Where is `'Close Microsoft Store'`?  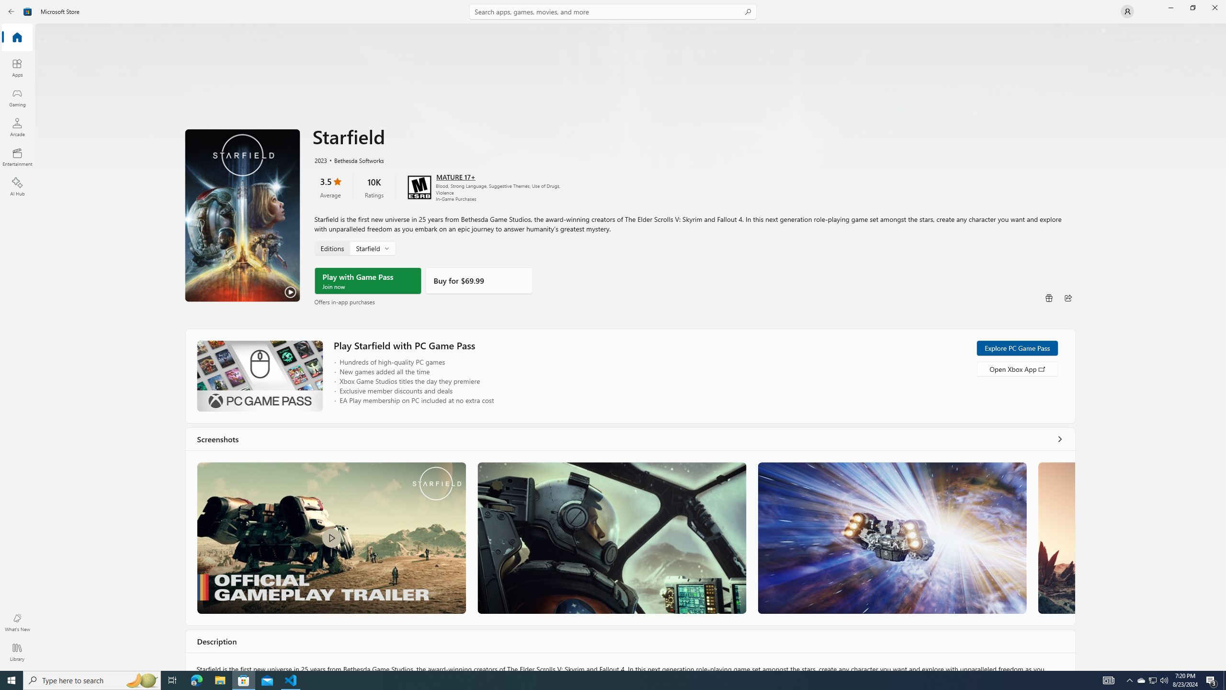
'Close Microsoft Store' is located at coordinates (1214, 7).